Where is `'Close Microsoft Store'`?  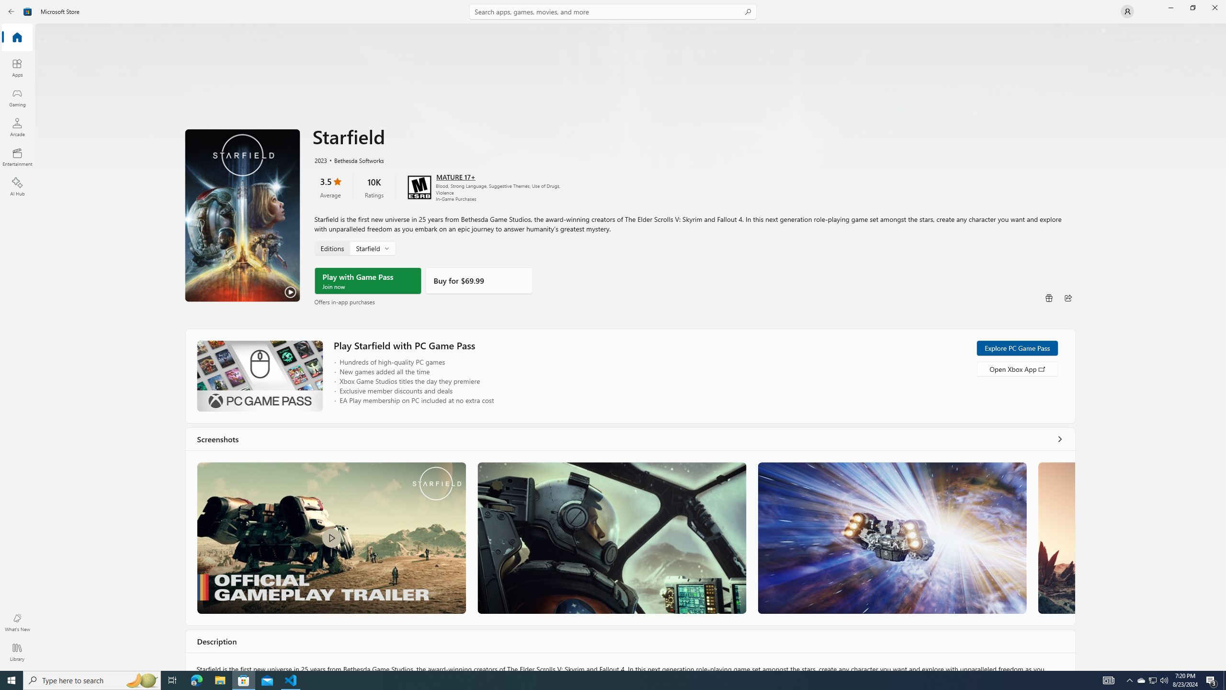
'Close Microsoft Store' is located at coordinates (1214, 7).